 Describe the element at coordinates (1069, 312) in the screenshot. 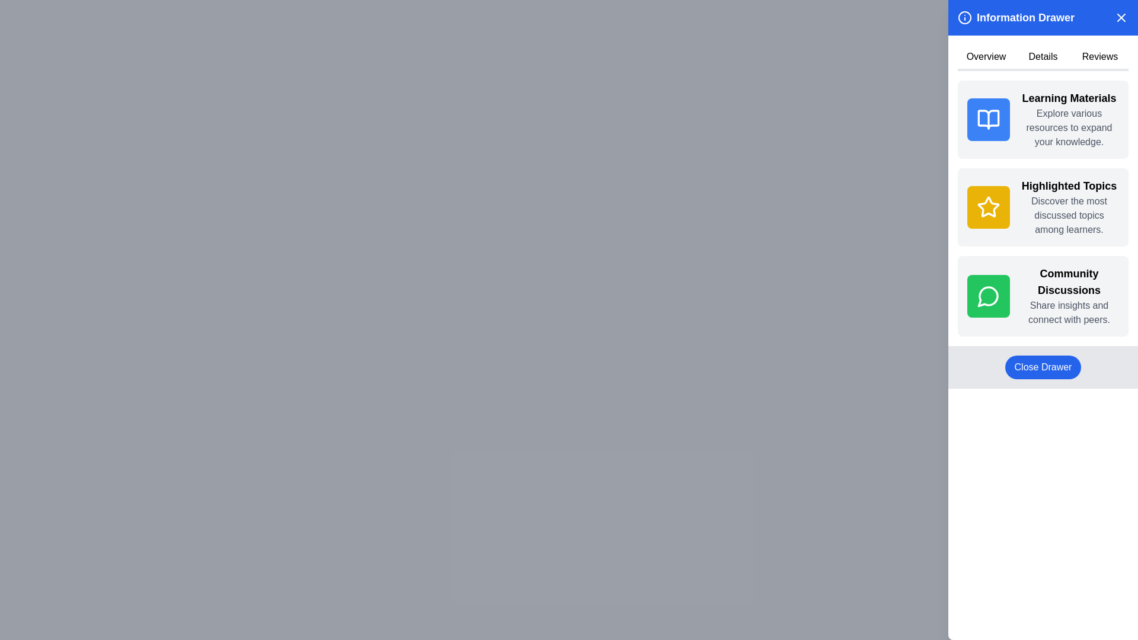

I see `the descriptive text element located beneath the 'Community Discussions' title in the green-bordered card of the 'Information Drawer' interface` at that location.